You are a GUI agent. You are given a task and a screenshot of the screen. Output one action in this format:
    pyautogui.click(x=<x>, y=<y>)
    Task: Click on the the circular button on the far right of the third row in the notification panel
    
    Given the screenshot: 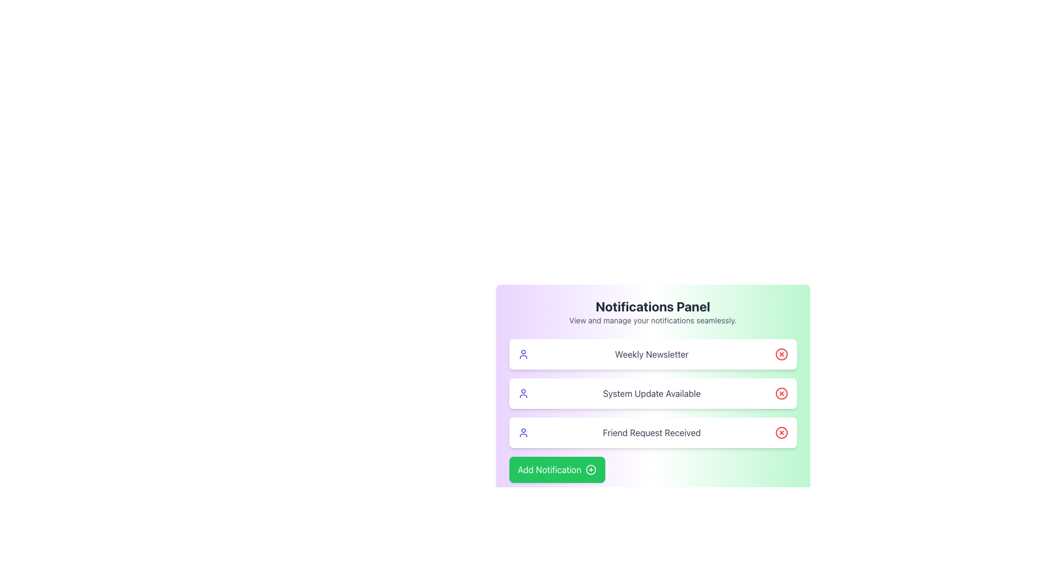 What is the action you would take?
    pyautogui.click(x=781, y=432)
    